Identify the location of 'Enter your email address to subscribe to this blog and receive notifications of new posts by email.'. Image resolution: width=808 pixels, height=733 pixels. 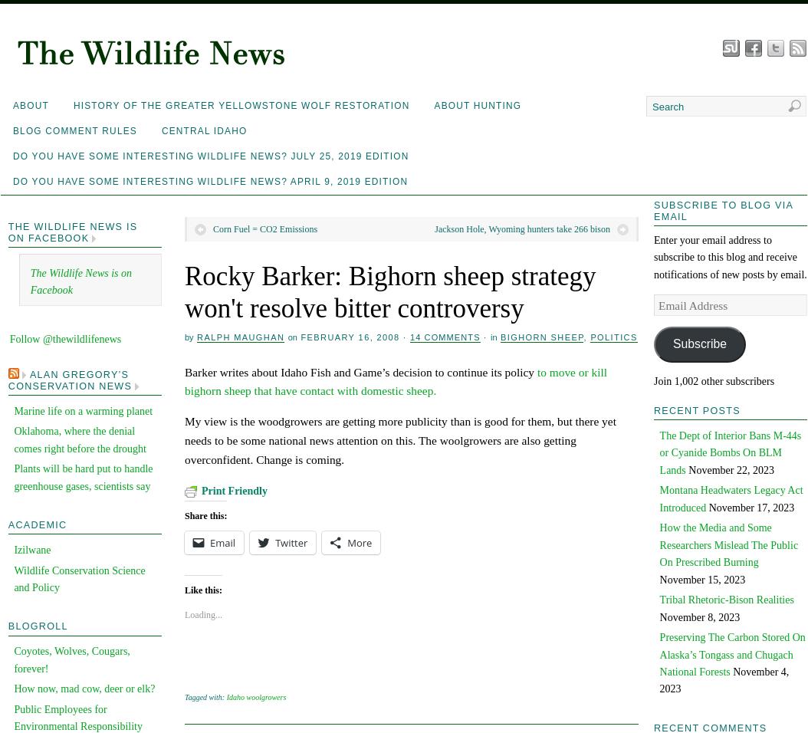
(730, 255).